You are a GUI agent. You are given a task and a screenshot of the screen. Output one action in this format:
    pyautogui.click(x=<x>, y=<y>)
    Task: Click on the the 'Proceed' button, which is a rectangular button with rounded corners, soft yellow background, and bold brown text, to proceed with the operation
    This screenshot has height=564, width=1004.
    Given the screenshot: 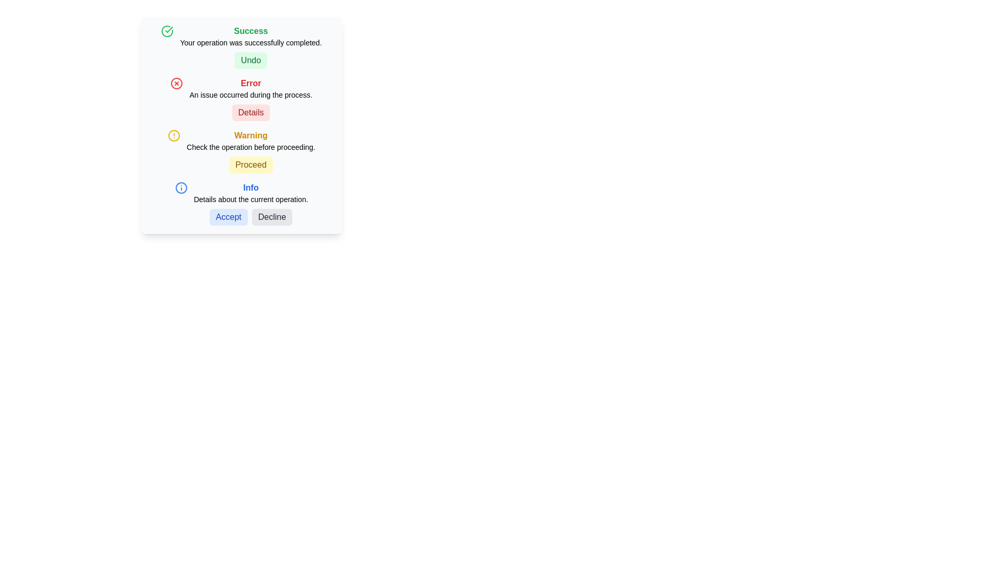 What is the action you would take?
    pyautogui.click(x=251, y=164)
    